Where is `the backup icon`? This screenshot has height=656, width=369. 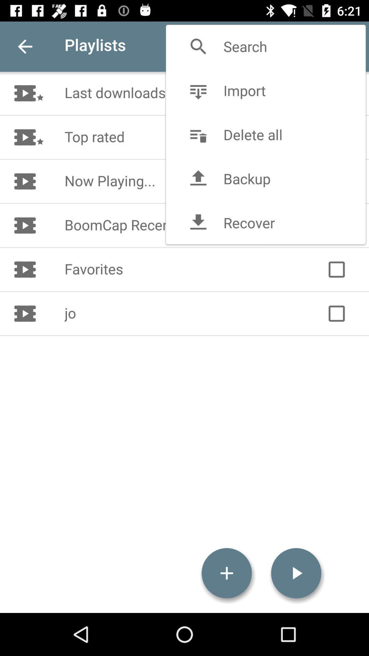 the backup icon is located at coordinates (198, 178).